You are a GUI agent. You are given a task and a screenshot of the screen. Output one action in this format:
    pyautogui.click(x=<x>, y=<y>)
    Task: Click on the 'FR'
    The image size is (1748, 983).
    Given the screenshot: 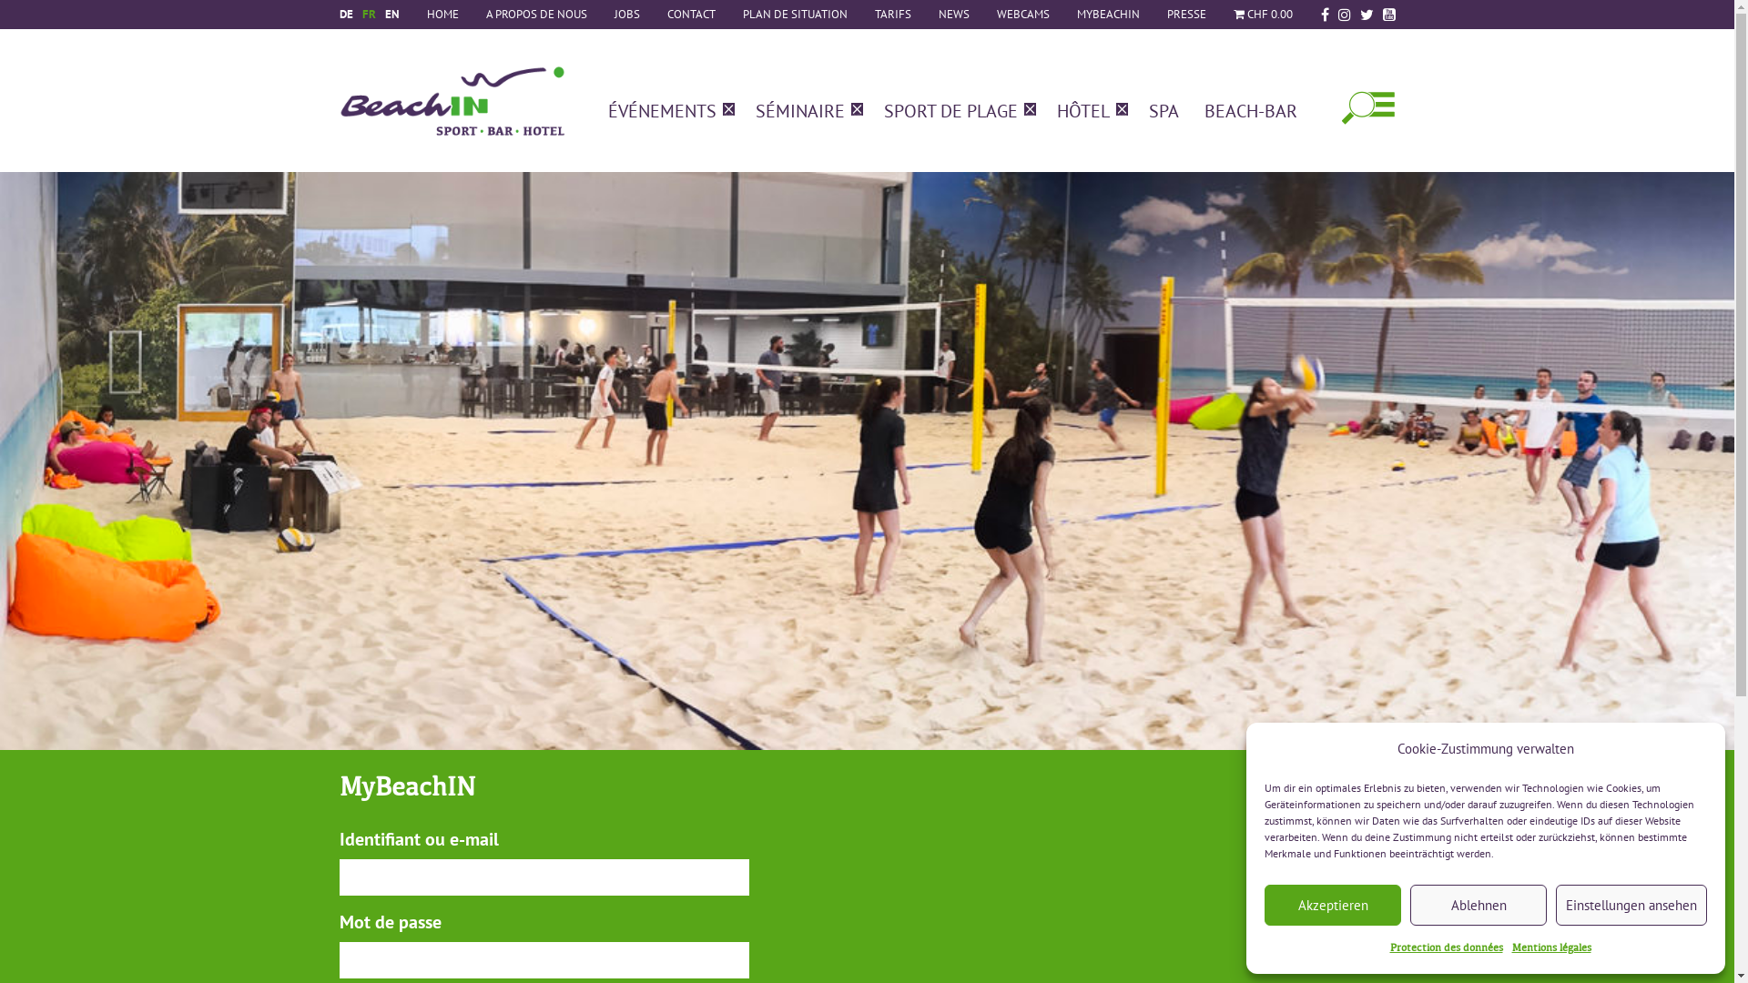 What is the action you would take?
    pyautogui.click(x=367, y=14)
    